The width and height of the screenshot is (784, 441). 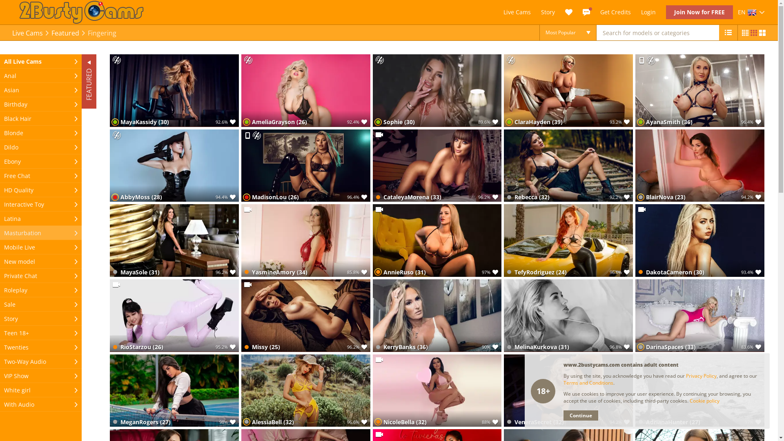 What do you see at coordinates (588, 383) in the screenshot?
I see `'Terms and Conditions'` at bounding box center [588, 383].